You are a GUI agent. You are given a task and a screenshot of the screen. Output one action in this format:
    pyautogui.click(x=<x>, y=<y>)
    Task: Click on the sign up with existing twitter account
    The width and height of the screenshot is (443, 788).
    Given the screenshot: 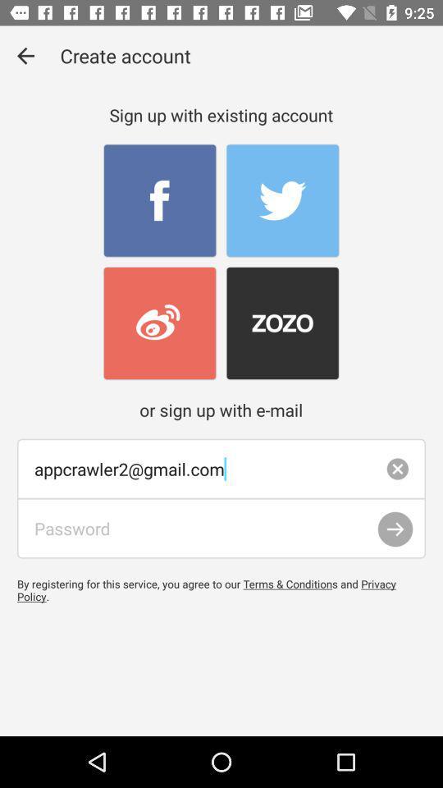 What is the action you would take?
    pyautogui.click(x=281, y=200)
    